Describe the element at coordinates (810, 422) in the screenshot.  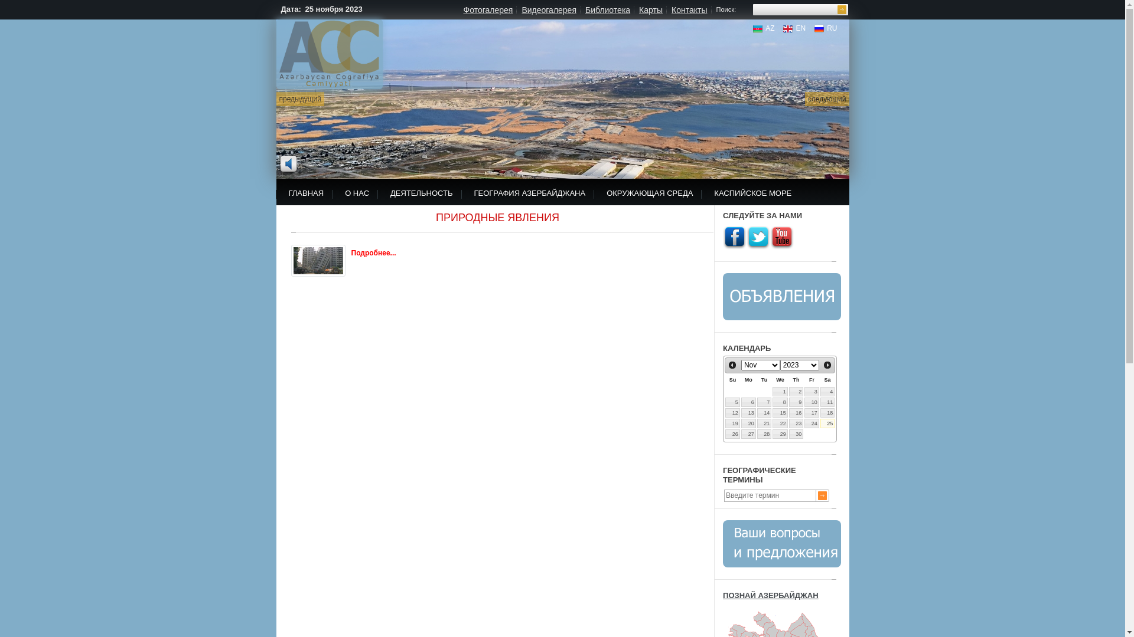
I see `'24'` at that location.